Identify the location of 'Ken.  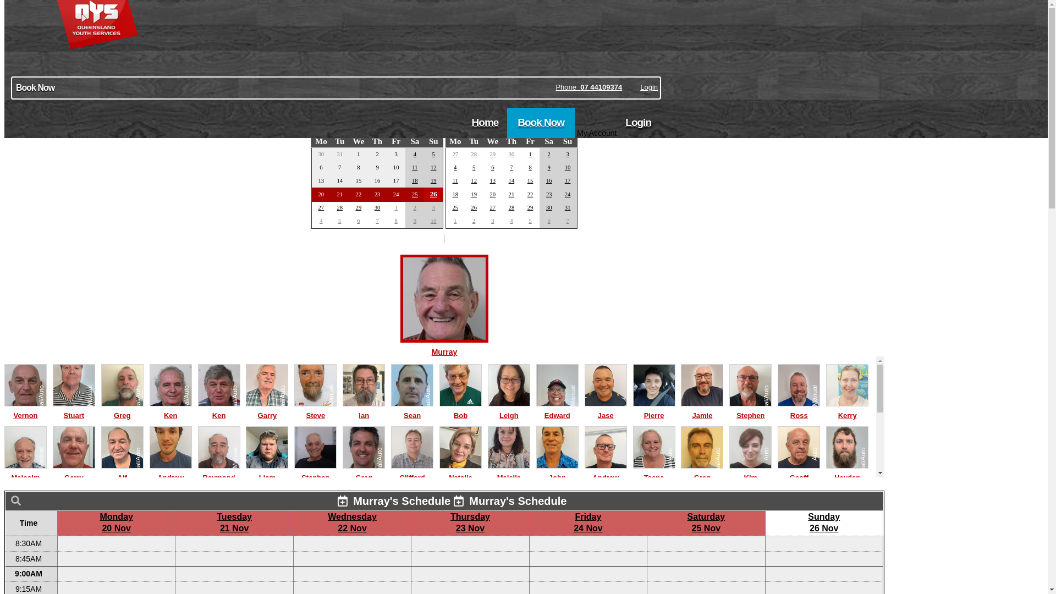
(149, 410).